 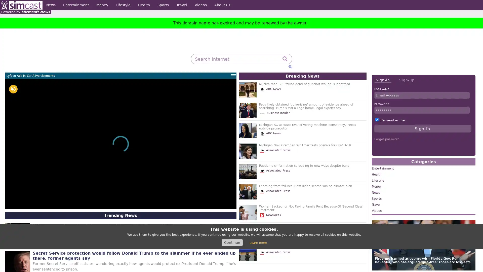 What do you see at coordinates (407, 80) in the screenshot?
I see `Sign-up` at bounding box center [407, 80].